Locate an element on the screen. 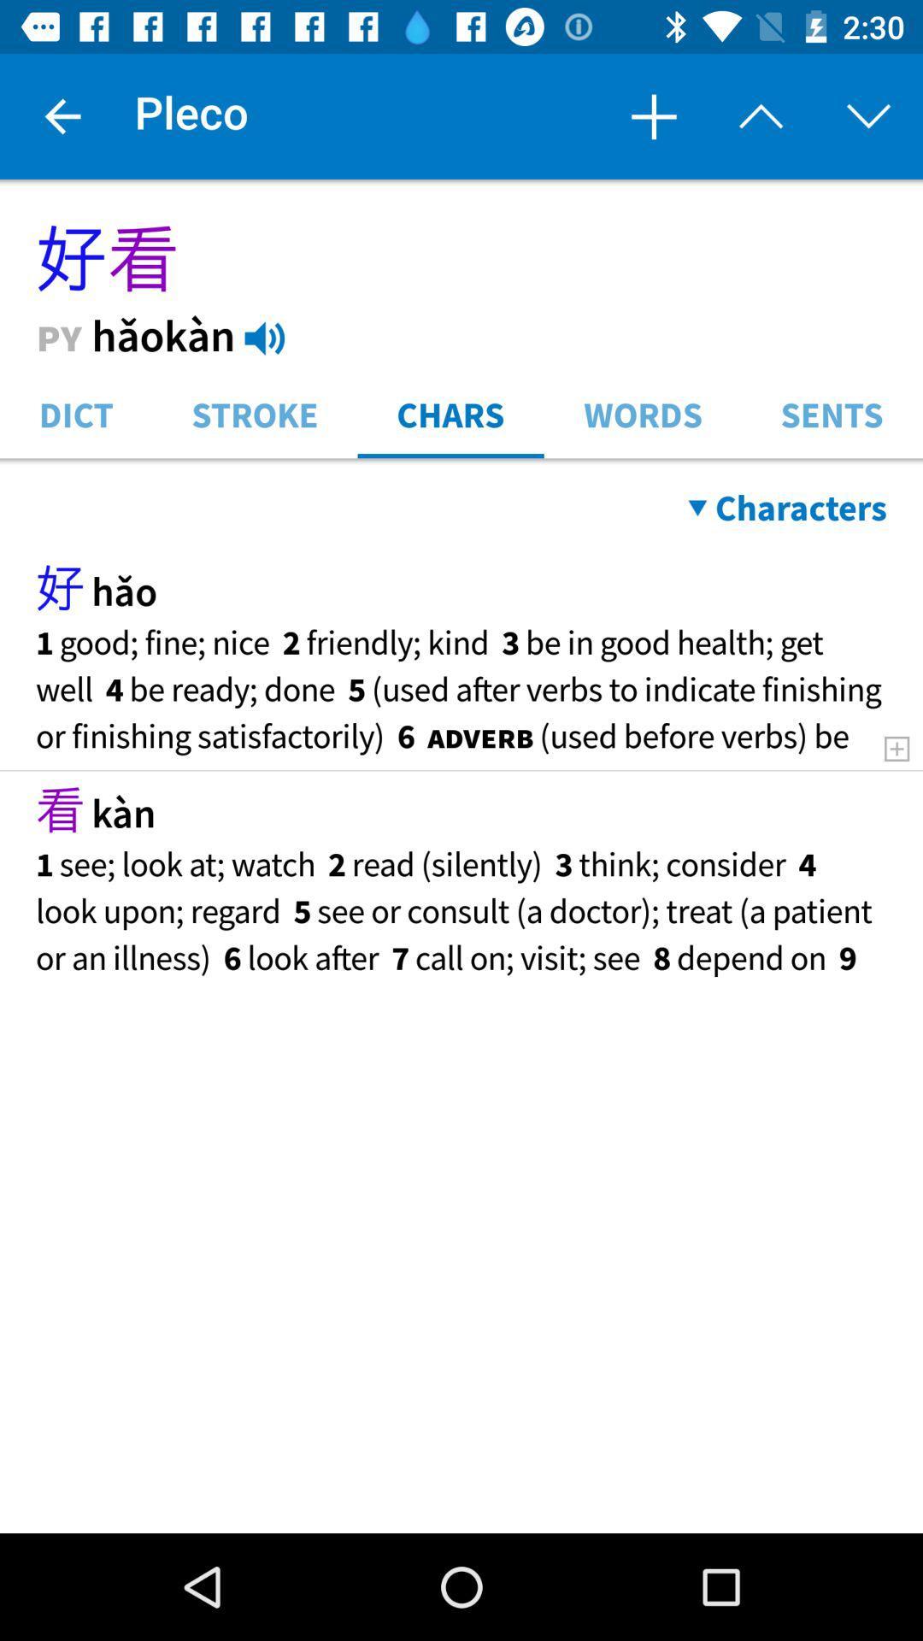 The height and width of the screenshot is (1641, 923). icon to the left of sents item is located at coordinates (643, 413).